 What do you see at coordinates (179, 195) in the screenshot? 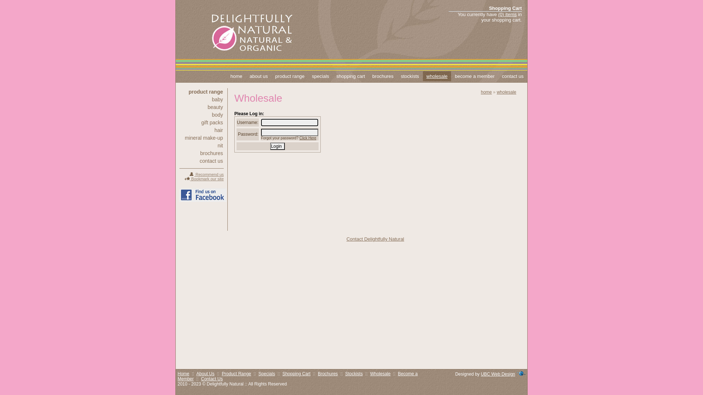
I see `'Find Delightfully Natural on Facebook'` at bounding box center [179, 195].